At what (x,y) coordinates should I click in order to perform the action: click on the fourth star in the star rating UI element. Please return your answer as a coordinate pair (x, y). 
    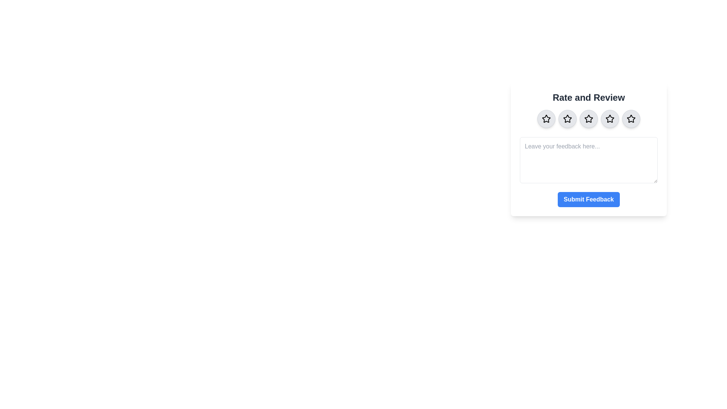
    Looking at the image, I should click on (610, 119).